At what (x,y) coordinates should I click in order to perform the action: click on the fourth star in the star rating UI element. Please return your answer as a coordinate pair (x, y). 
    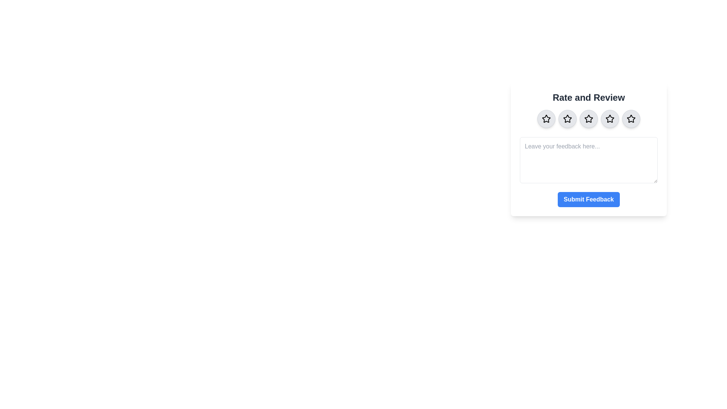
    Looking at the image, I should click on (610, 119).